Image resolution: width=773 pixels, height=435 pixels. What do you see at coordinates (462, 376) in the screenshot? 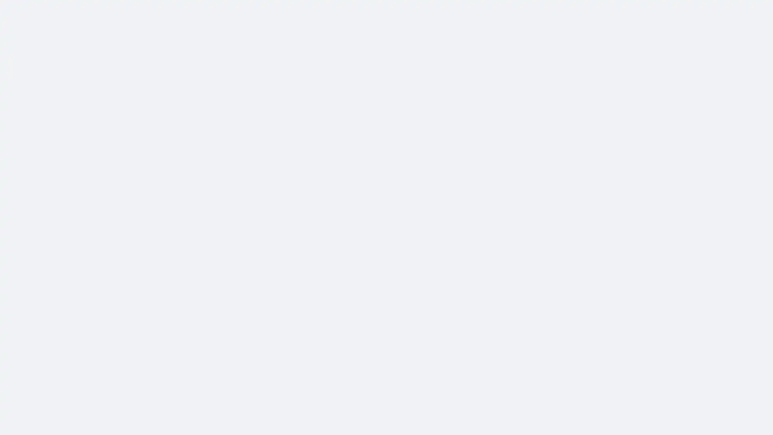
I see `Opmerking plaatsen` at bounding box center [462, 376].